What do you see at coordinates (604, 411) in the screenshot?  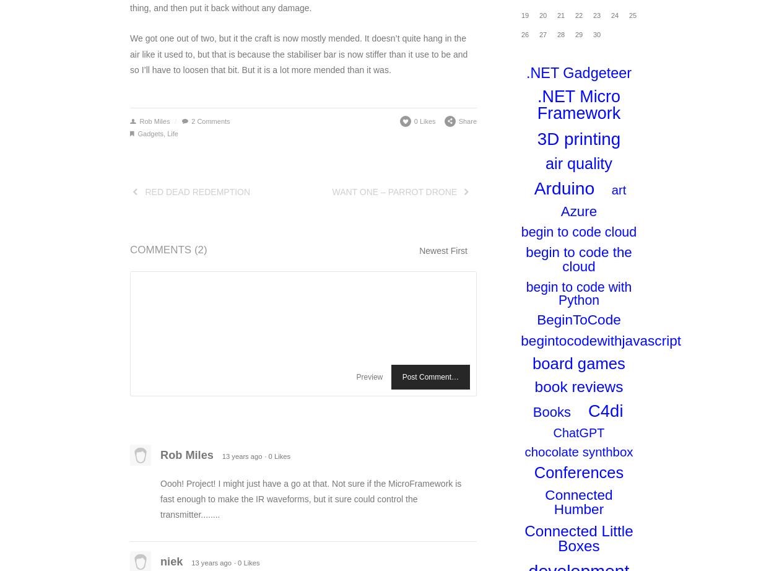 I see `'C4di'` at bounding box center [604, 411].